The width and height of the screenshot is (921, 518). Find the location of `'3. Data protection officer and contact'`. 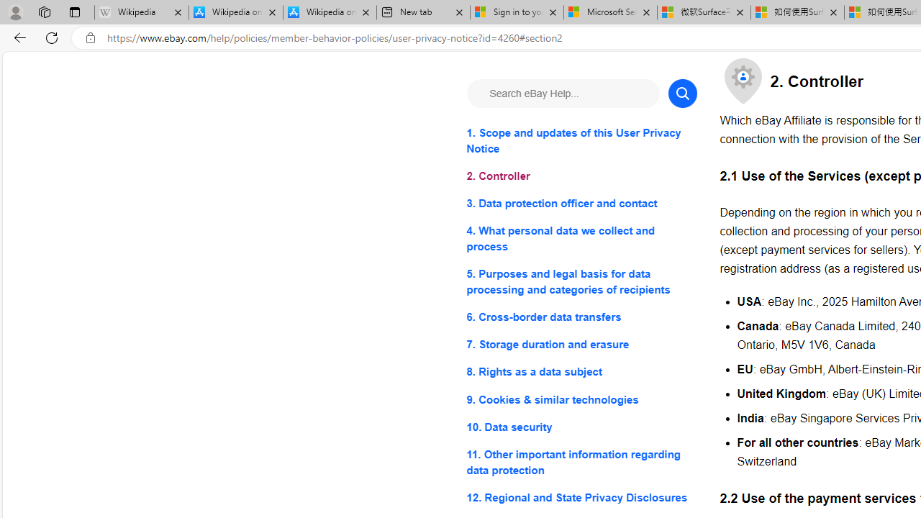

'3. Data protection officer and contact' is located at coordinates (581, 204).